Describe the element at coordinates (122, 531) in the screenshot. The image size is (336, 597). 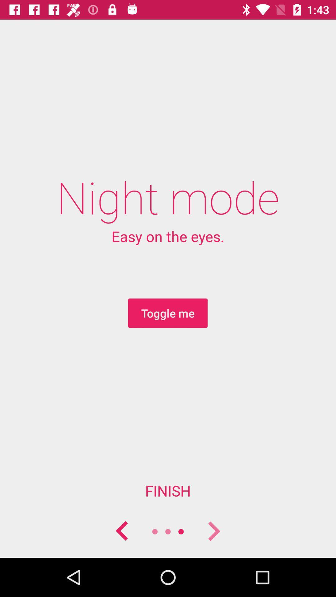
I see `previous` at that location.